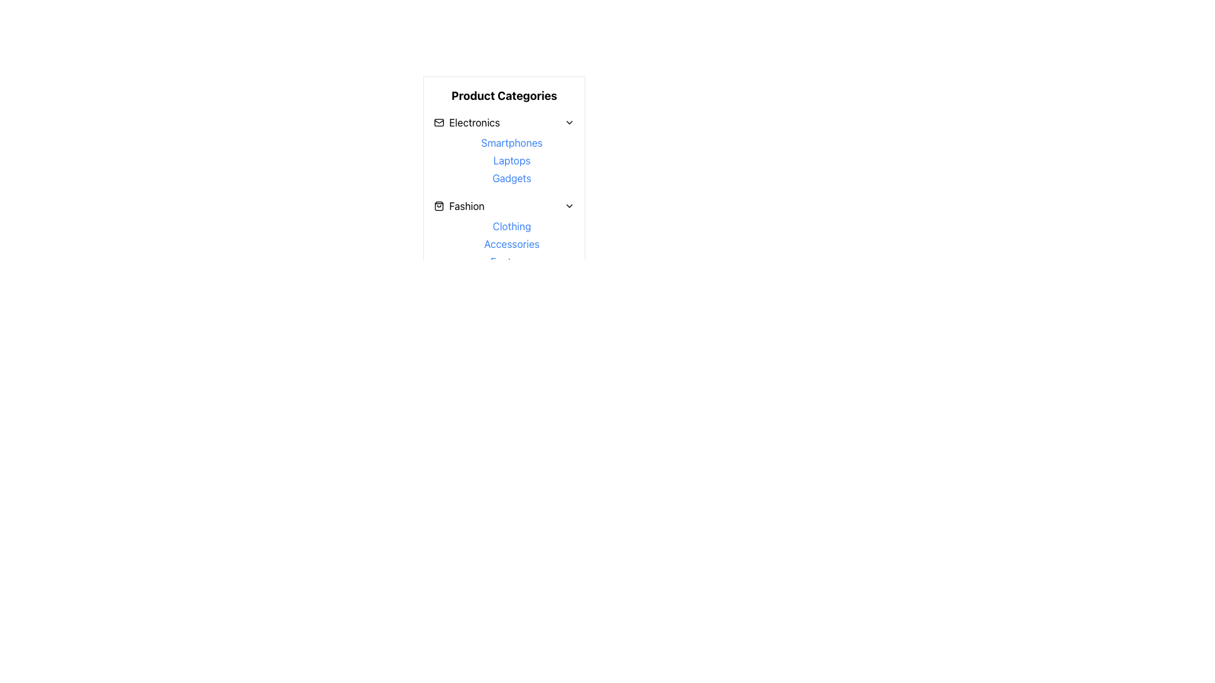 This screenshot has width=1215, height=683. What do you see at coordinates (503, 95) in the screenshot?
I see `the 'Product Categories' text header, which is styled with bold and large font, located at the top of the vertical list structure of categories` at bounding box center [503, 95].